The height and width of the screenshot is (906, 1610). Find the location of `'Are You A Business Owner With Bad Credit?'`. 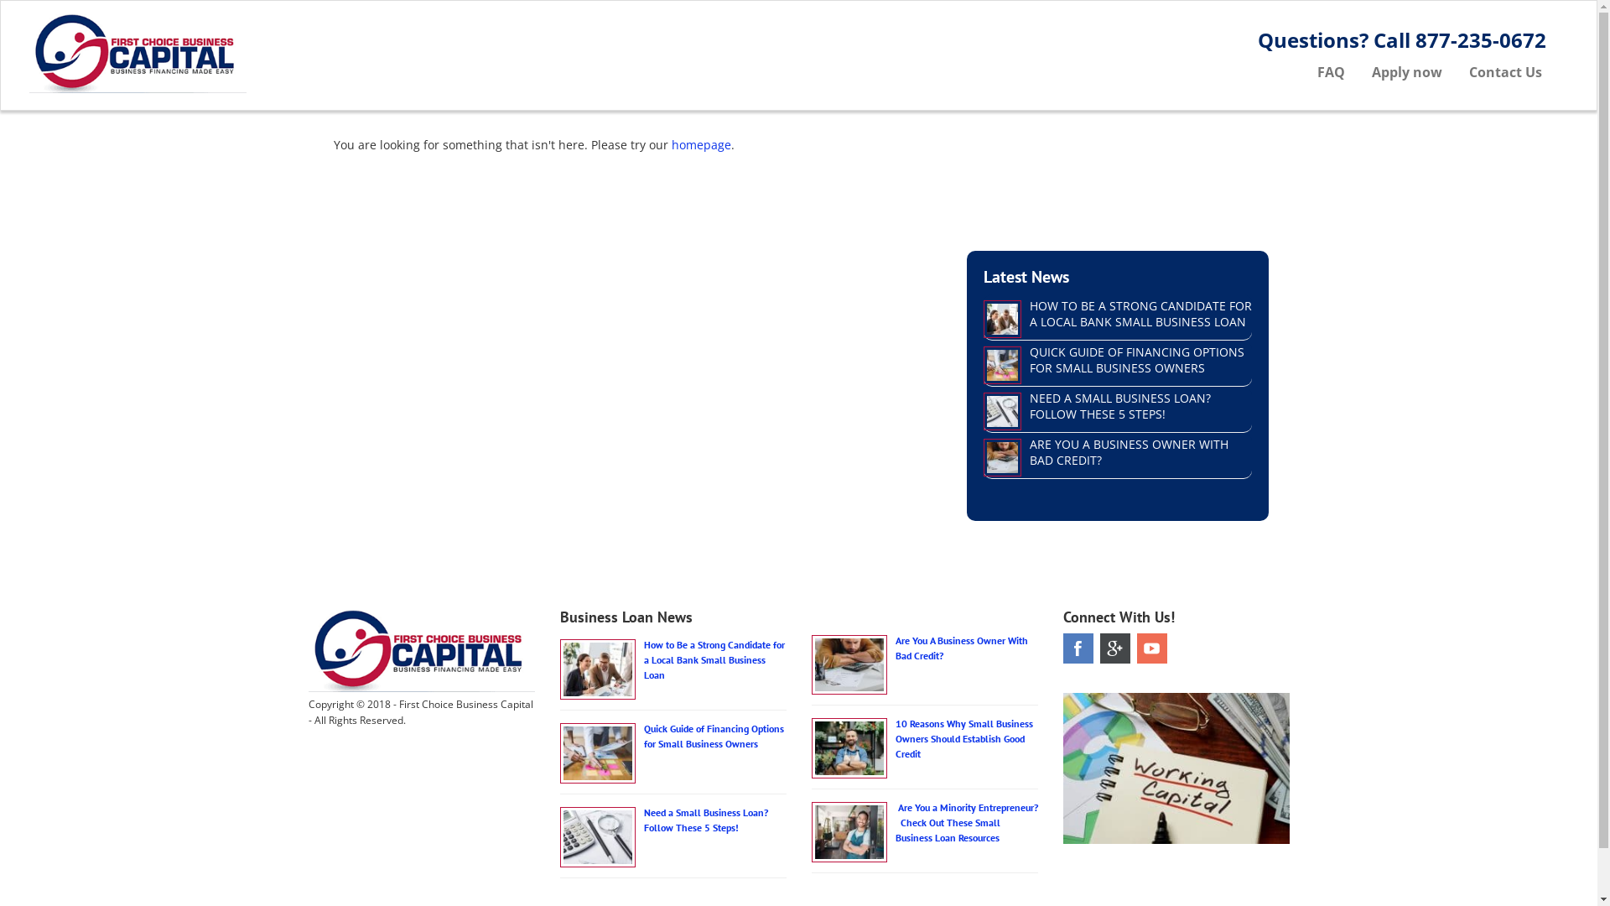

'Are You A Business Owner With Bad Credit?' is located at coordinates (895, 647).